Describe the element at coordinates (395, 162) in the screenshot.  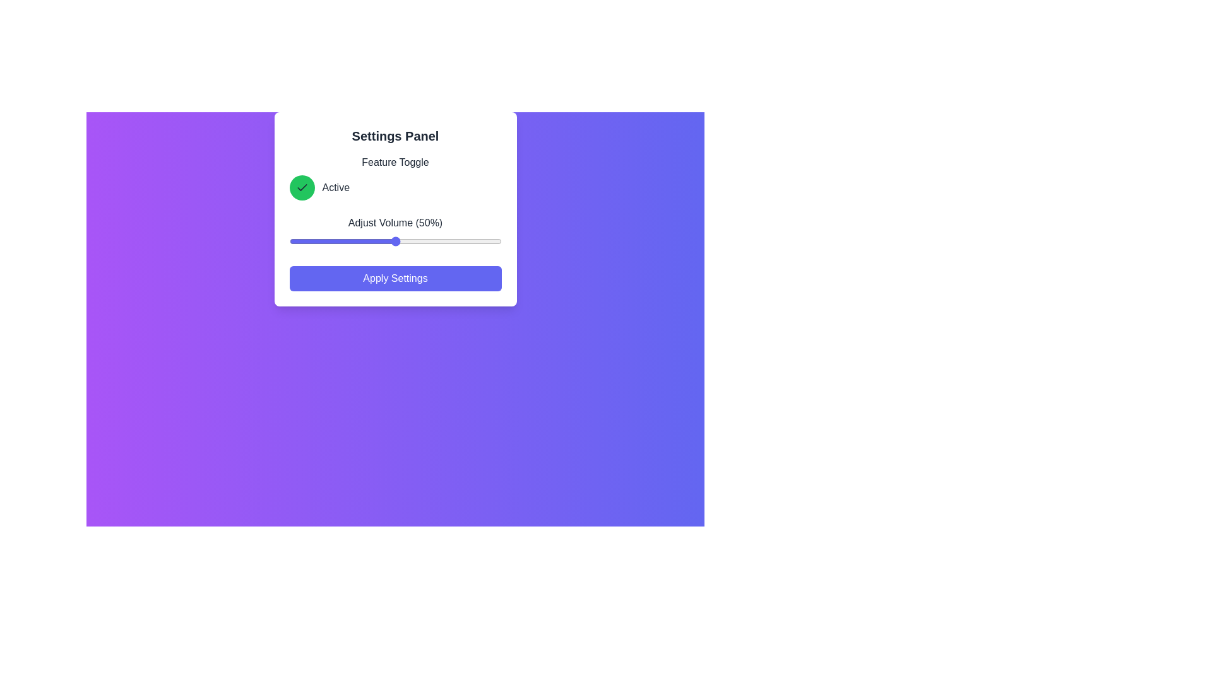
I see `static text label 'Feature Toggle' positioned at the top of the Settings Panel, just below the panel's title` at that location.